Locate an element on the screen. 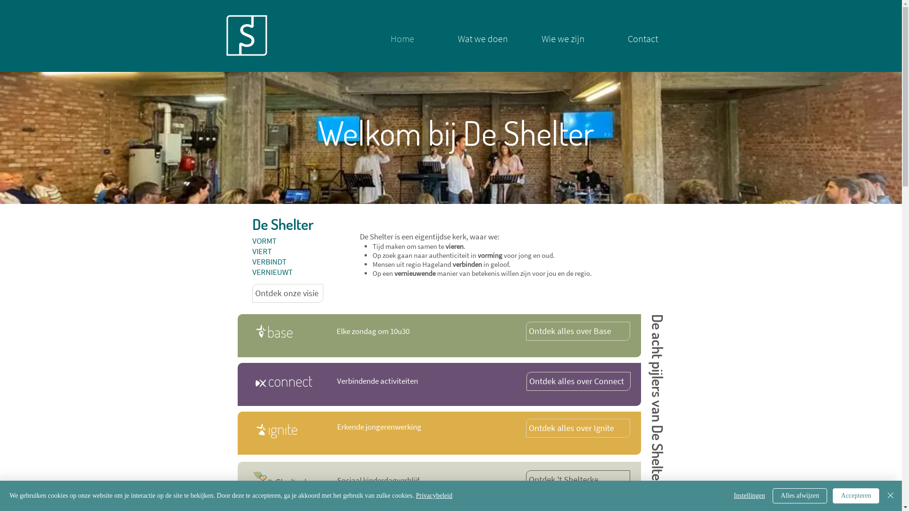 This screenshot has width=909, height=511. 'Ontdek alles over Base' is located at coordinates (577, 330).